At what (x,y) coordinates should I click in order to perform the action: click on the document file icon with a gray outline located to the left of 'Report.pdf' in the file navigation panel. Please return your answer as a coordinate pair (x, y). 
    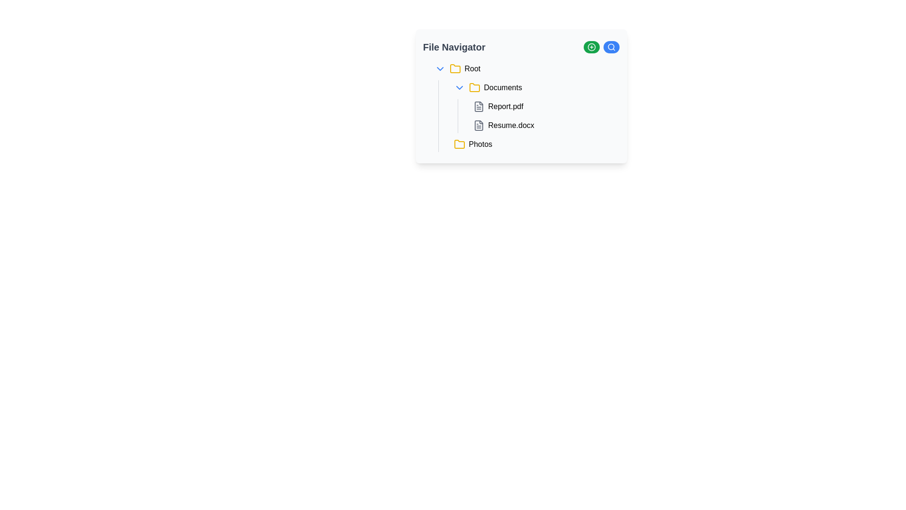
    Looking at the image, I should click on (478, 106).